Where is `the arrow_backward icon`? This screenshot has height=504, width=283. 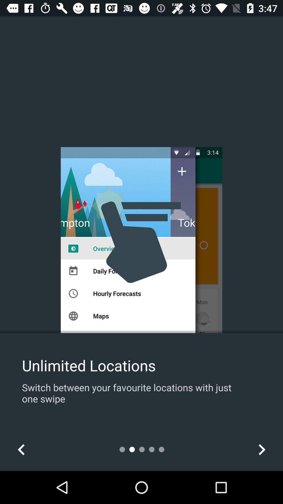 the arrow_backward icon is located at coordinates (21, 449).